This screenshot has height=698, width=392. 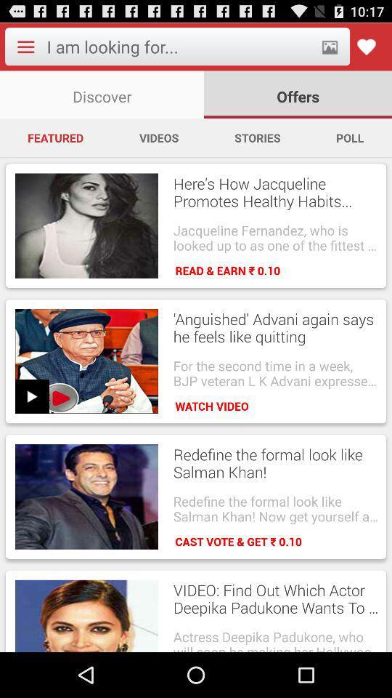 What do you see at coordinates (365, 47) in the screenshot?
I see `favorites` at bounding box center [365, 47].